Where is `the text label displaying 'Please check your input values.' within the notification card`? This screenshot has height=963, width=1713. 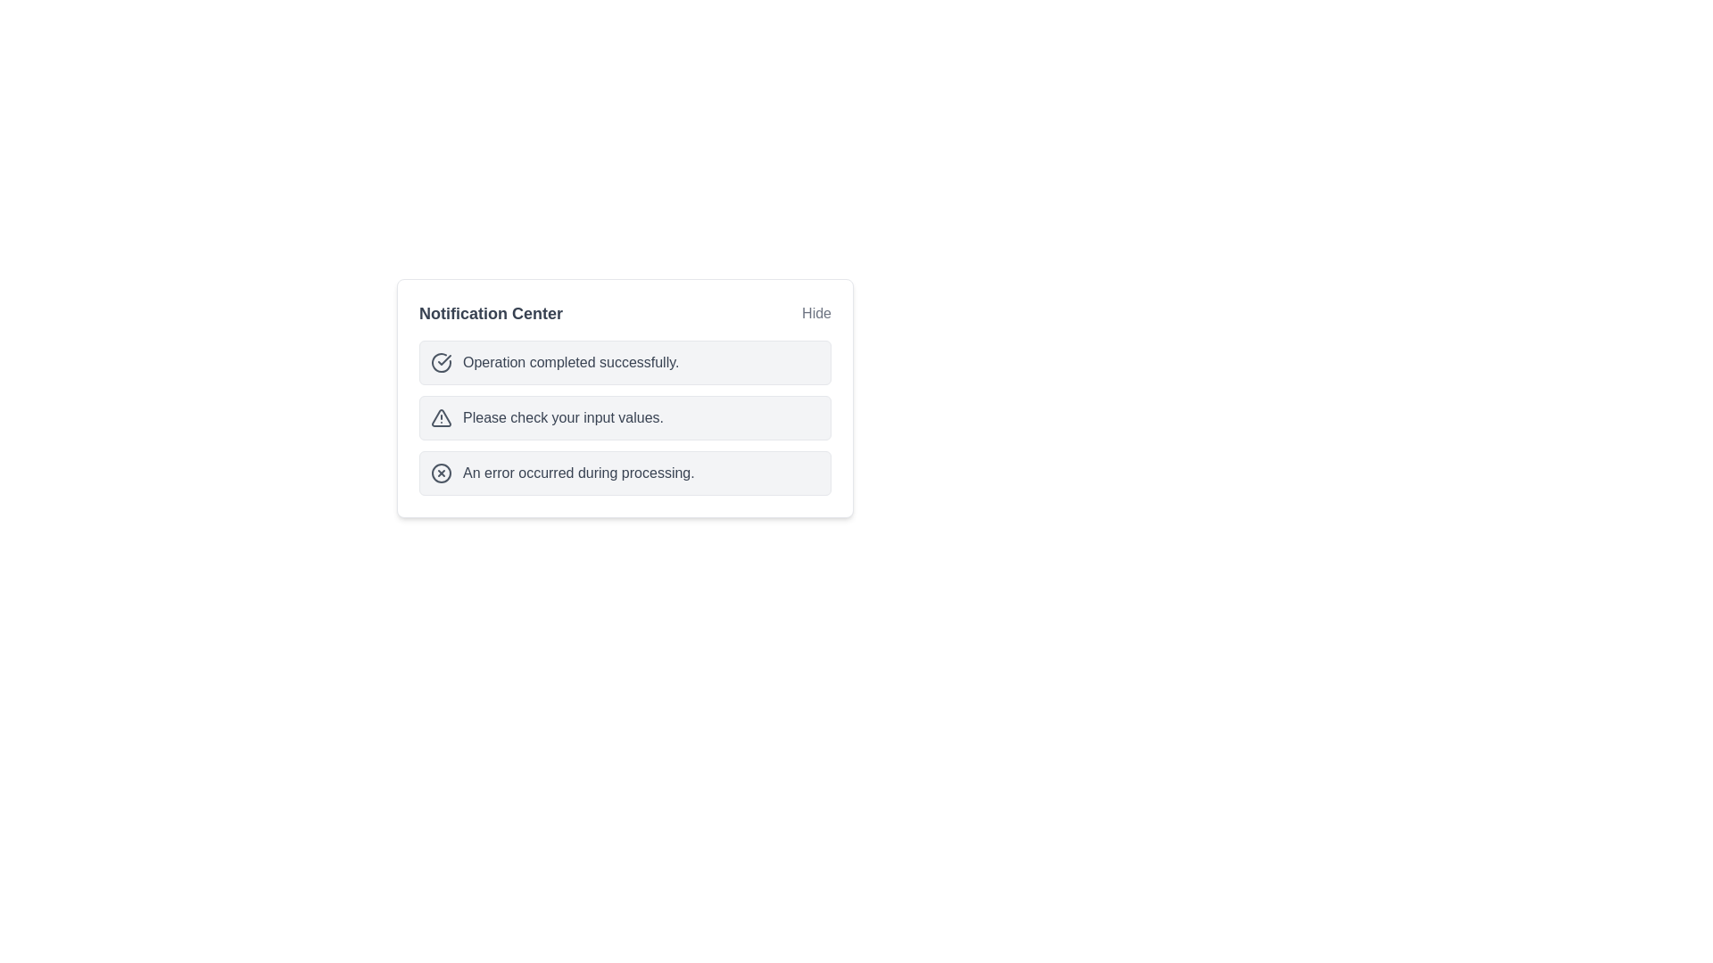
the text label displaying 'Please check your input values.' within the notification card is located at coordinates (562, 418).